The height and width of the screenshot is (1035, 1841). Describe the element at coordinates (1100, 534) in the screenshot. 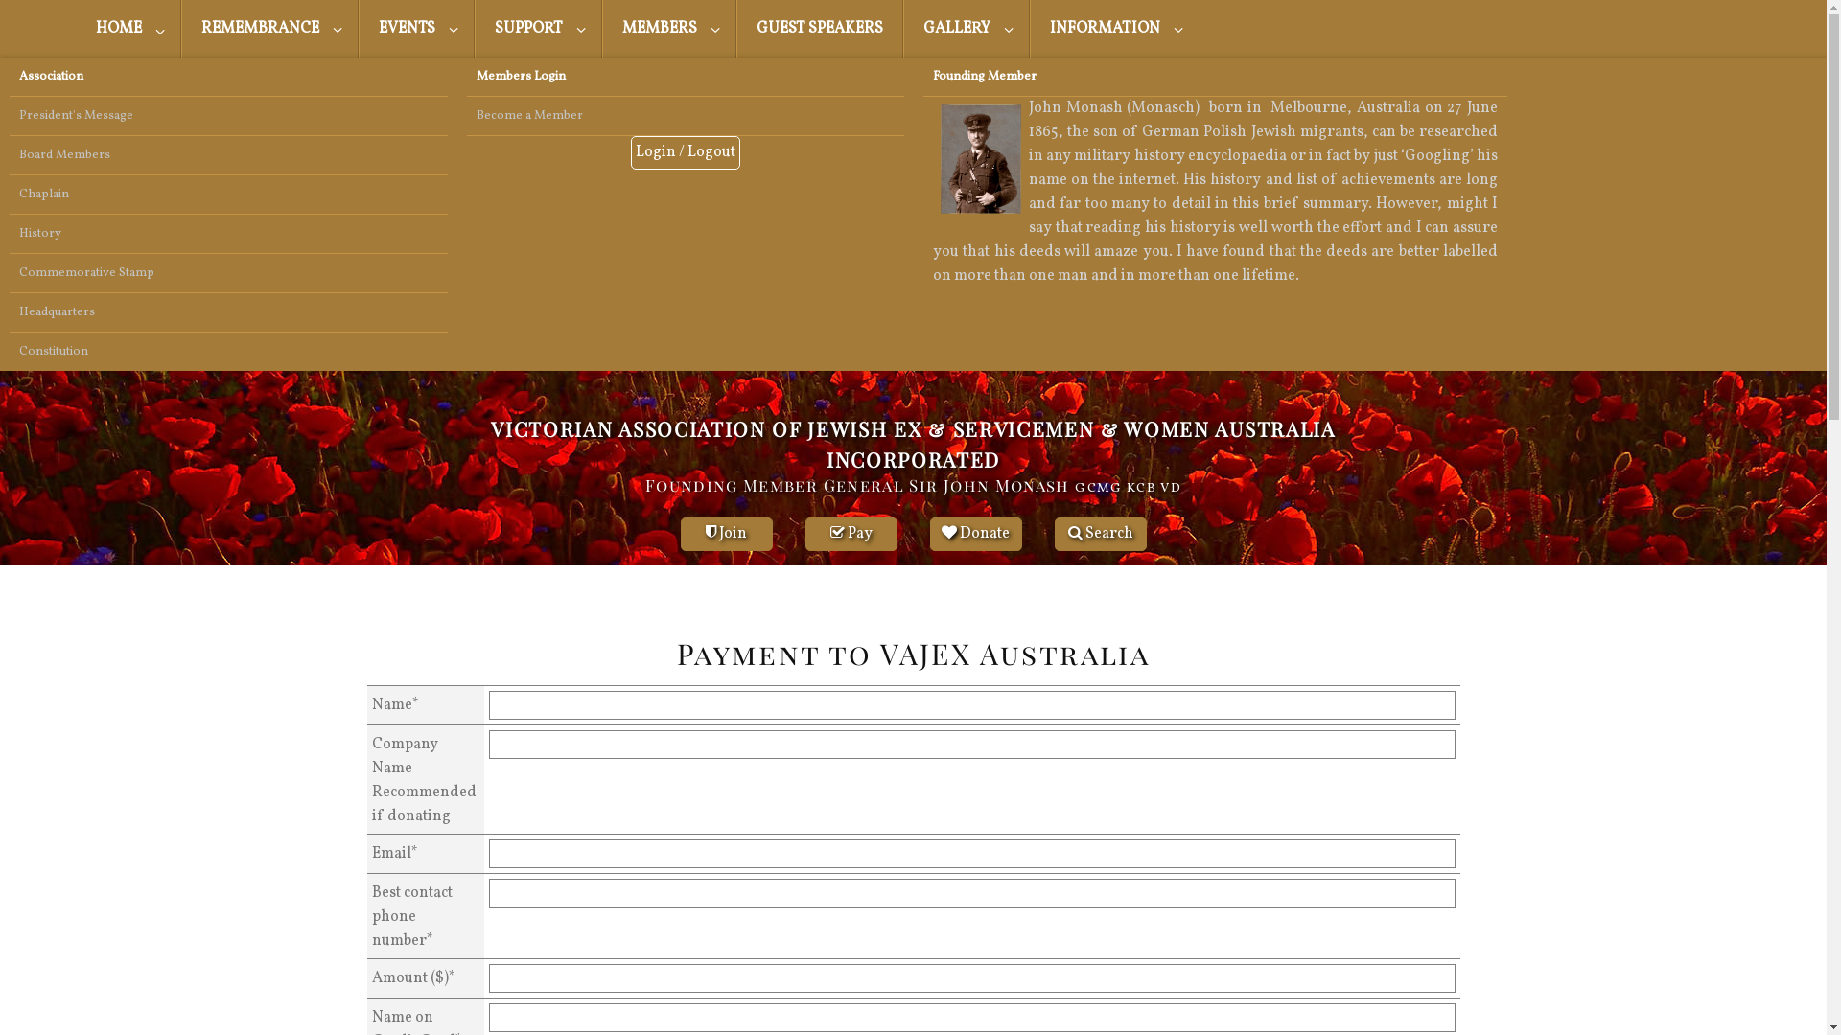

I see `'Search'` at that location.